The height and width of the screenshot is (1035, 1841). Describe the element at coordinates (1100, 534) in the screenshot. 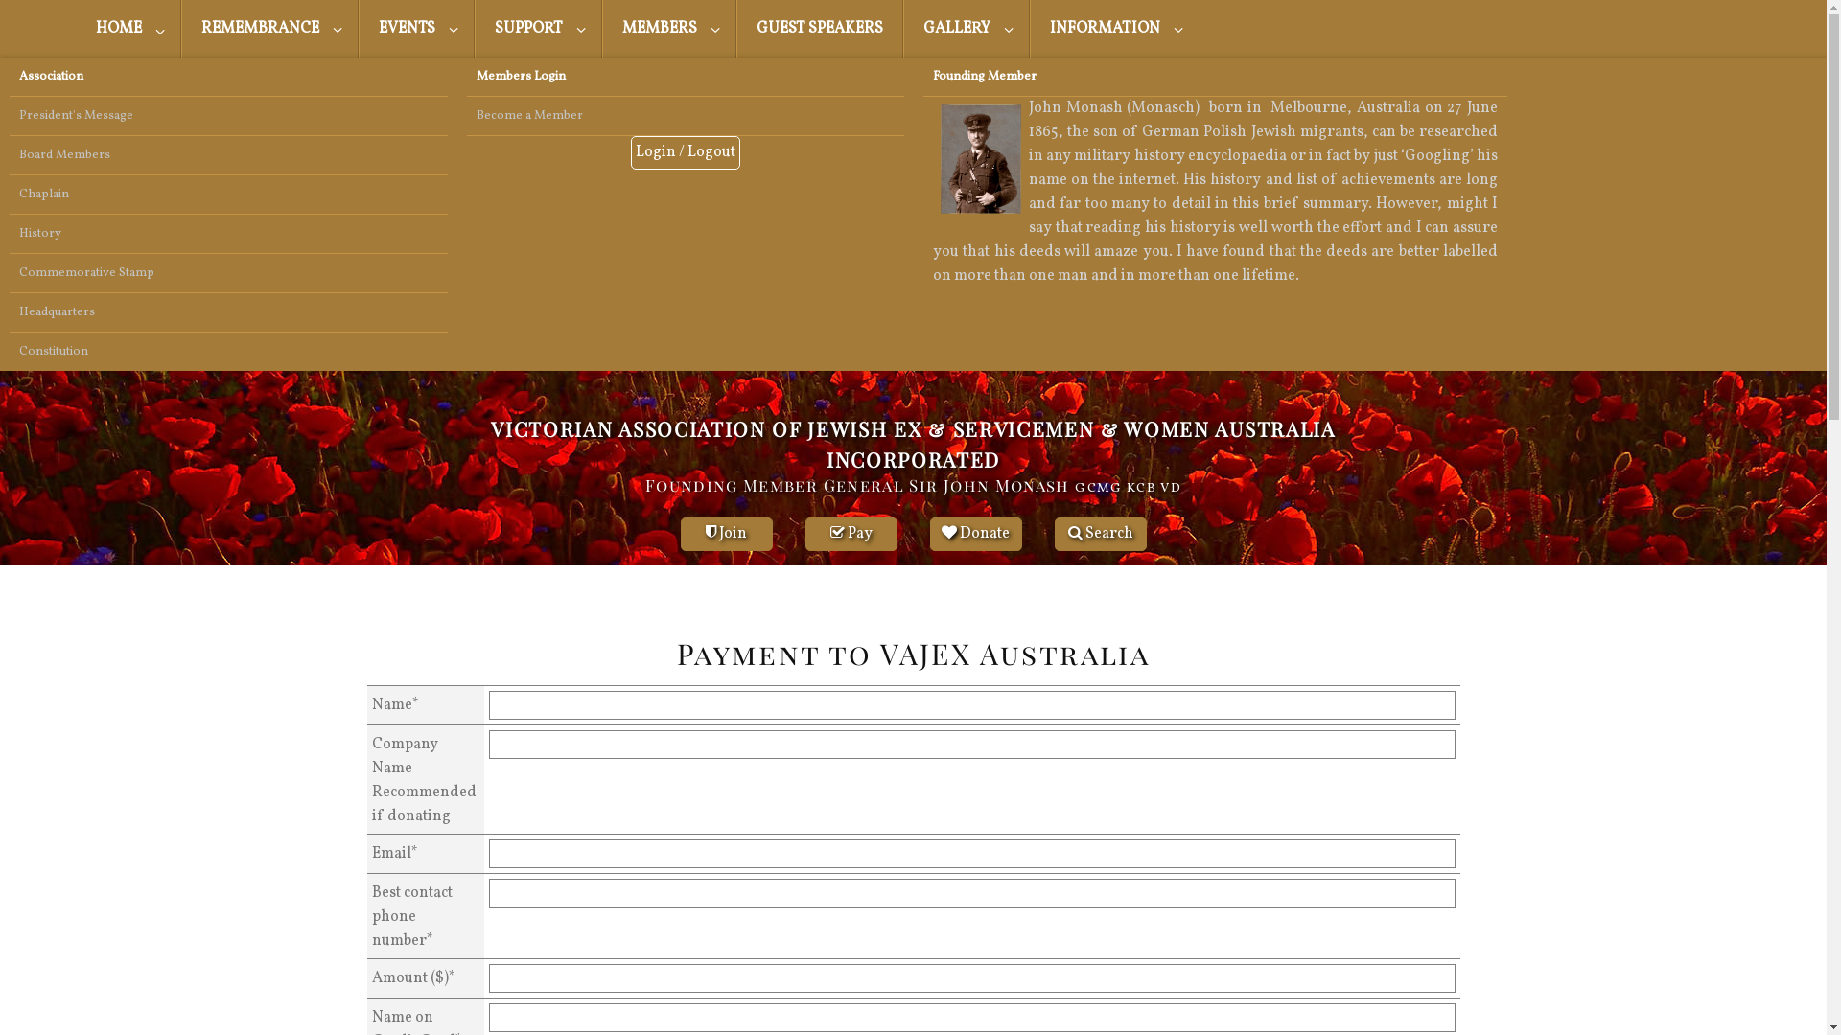

I see `'Search'` at that location.